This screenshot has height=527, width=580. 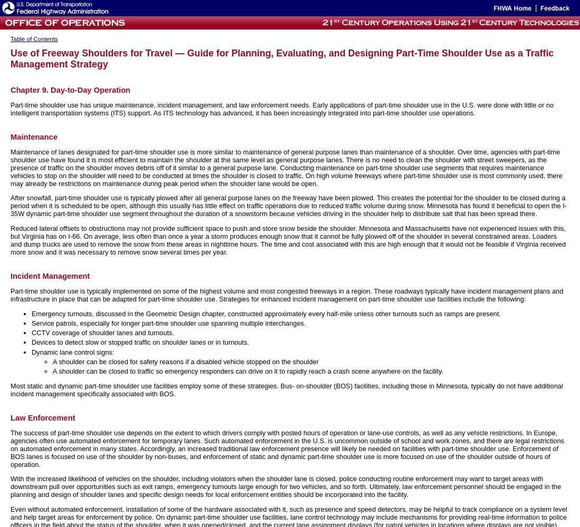 What do you see at coordinates (52, 370) in the screenshot?
I see `'A shoulder can be closed to traffic so emergency responders can drive on it to rapidly reach a crash scene anywhere on the facility.'` at bounding box center [52, 370].